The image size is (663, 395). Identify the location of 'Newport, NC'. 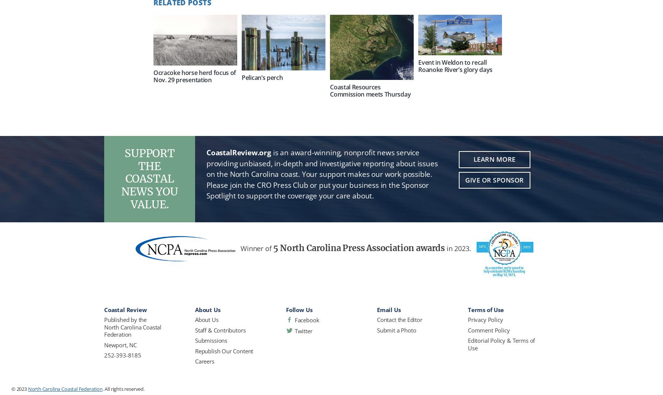
(120, 344).